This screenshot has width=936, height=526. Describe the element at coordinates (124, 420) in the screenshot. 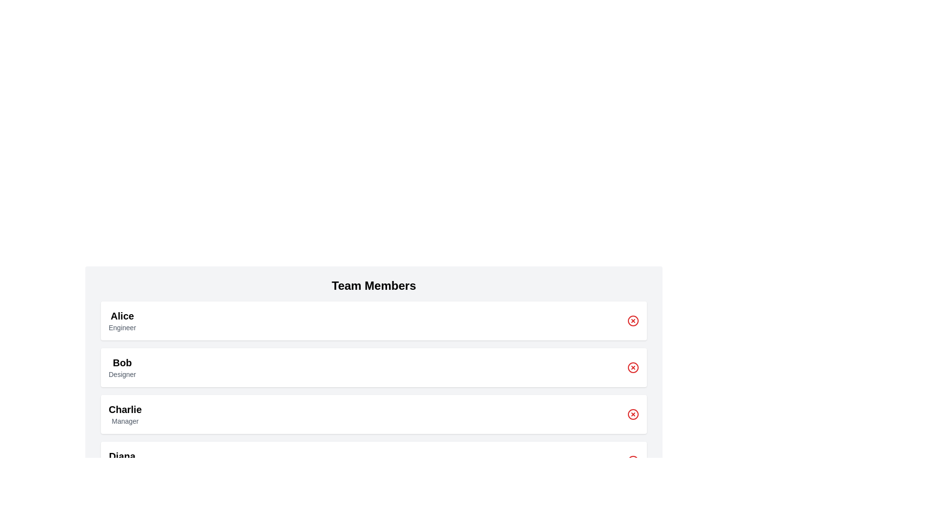

I see `the Text Label displaying 'Manager' which is styled in gray and positioned under 'Charlie' in the Team Members list` at that location.